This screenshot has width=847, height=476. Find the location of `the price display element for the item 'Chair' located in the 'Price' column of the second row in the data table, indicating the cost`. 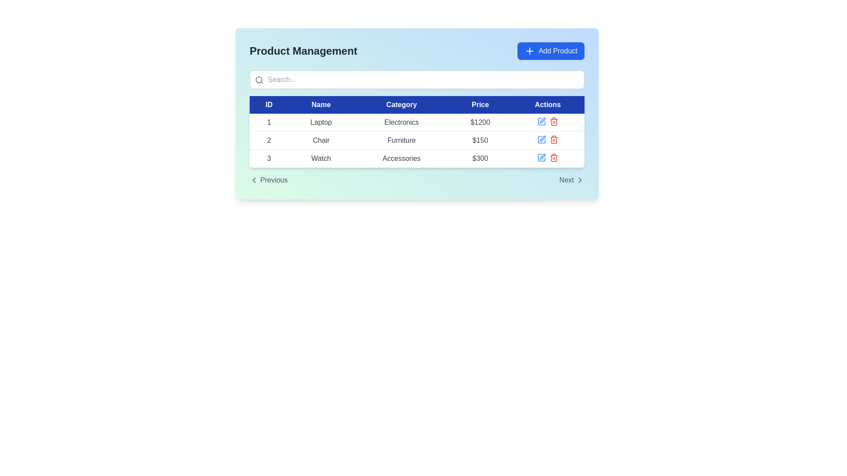

the price display element for the item 'Chair' located in the 'Price' column of the second row in the data table, indicating the cost is located at coordinates (480, 140).